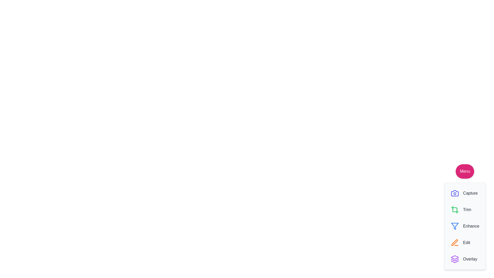  What do you see at coordinates (464, 259) in the screenshot?
I see `the 'Overlay' option in the menu` at bounding box center [464, 259].